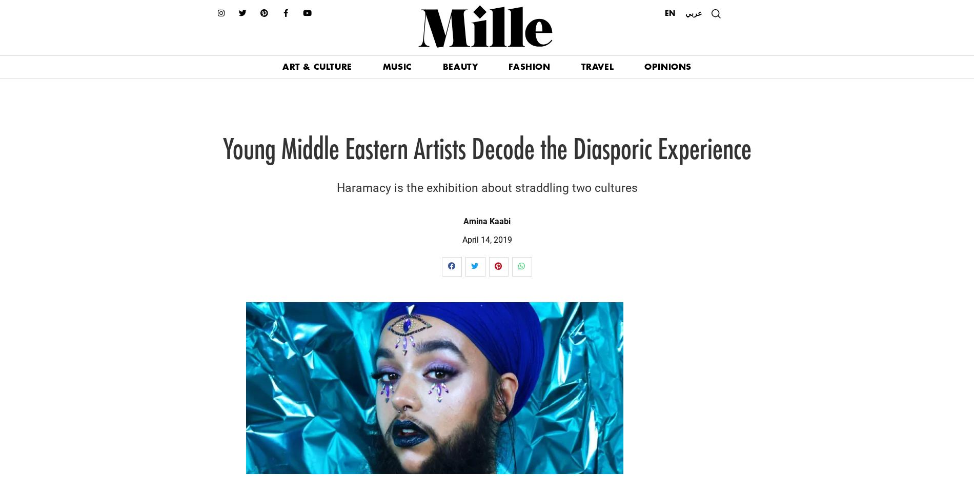  What do you see at coordinates (486, 239) in the screenshot?
I see `'April 14, 2019'` at bounding box center [486, 239].